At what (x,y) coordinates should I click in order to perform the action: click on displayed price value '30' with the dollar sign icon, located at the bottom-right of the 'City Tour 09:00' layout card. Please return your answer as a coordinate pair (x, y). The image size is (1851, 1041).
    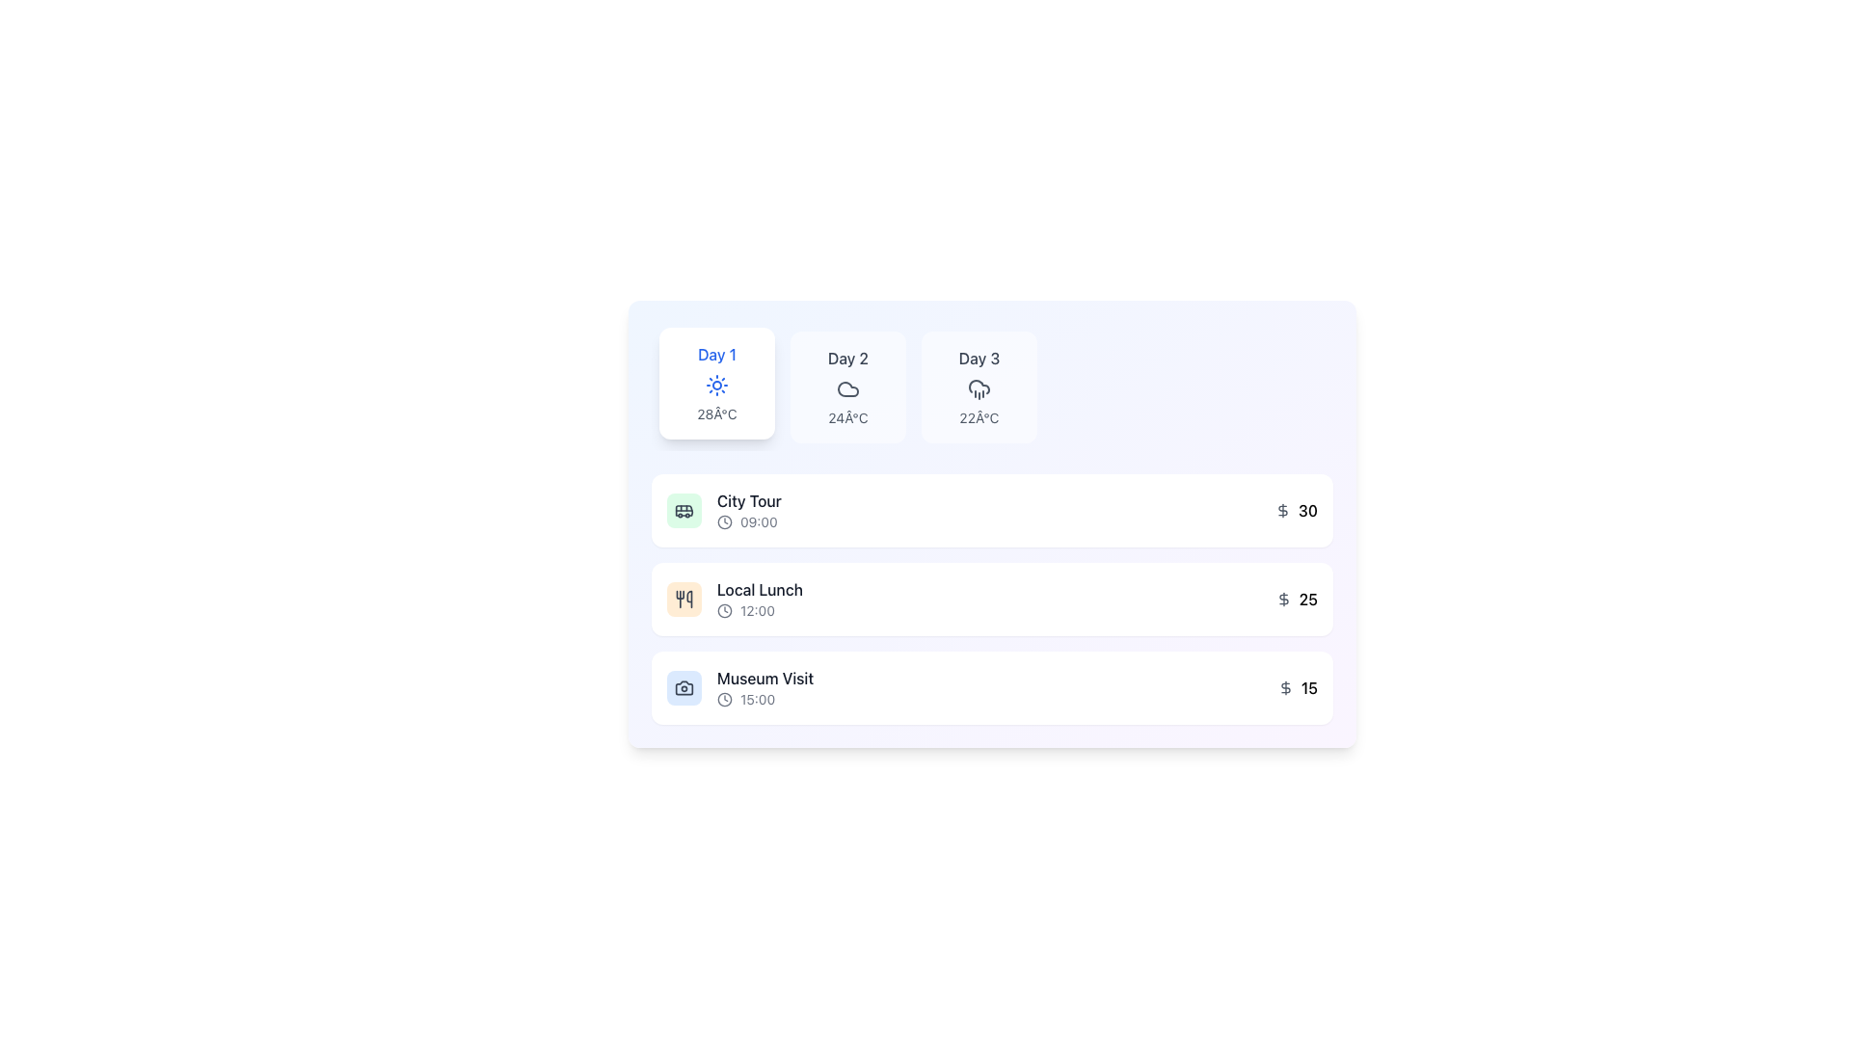
    Looking at the image, I should click on (1296, 509).